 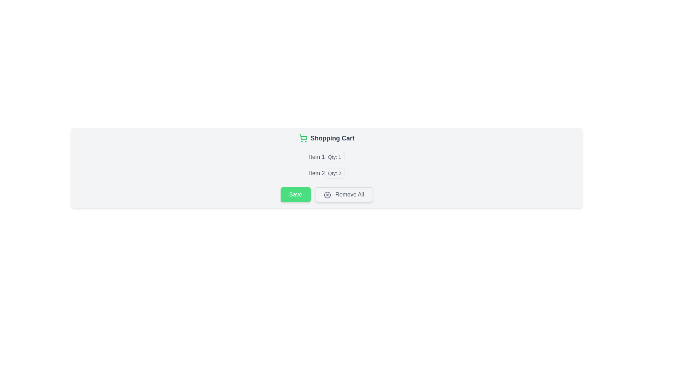 What do you see at coordinates (303, 138) in the screenshot?
I see `the green shopping cart SVG icon located at the top-left of the 'Shopping Cart' section, preceding the text 'Shopping Cart'` at bounding box center [303, 138].